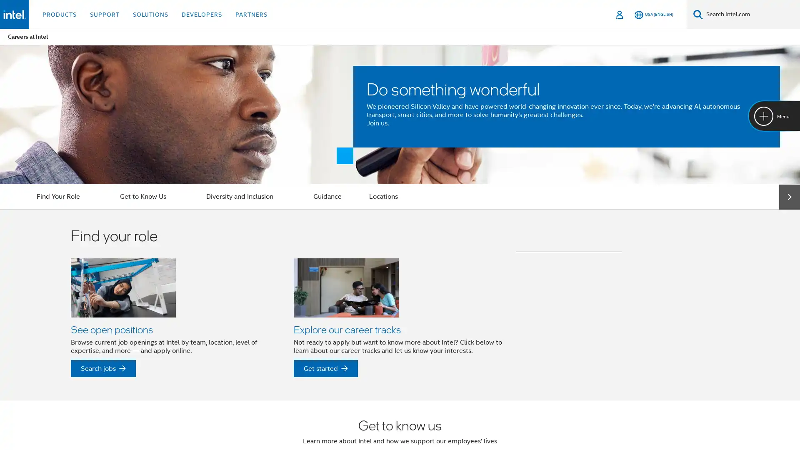 This screenshot has width=800, height=450. Describe the element at coordinates (620, 14) in the screenshot. I see `Sign In` at that location.